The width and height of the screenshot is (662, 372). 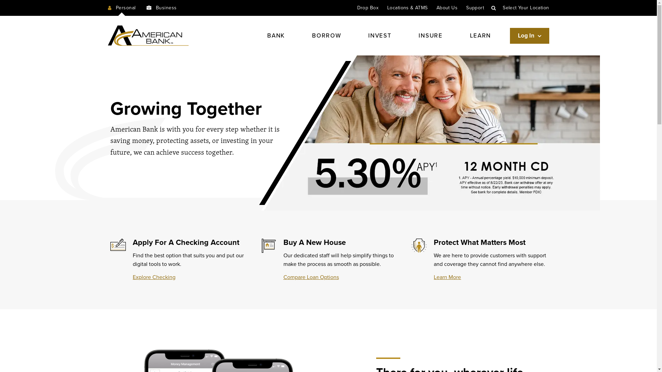 What do you see at coordinates (474, 8) in the screenshot?
I see `'Support'` at bounding box center [474, 8].